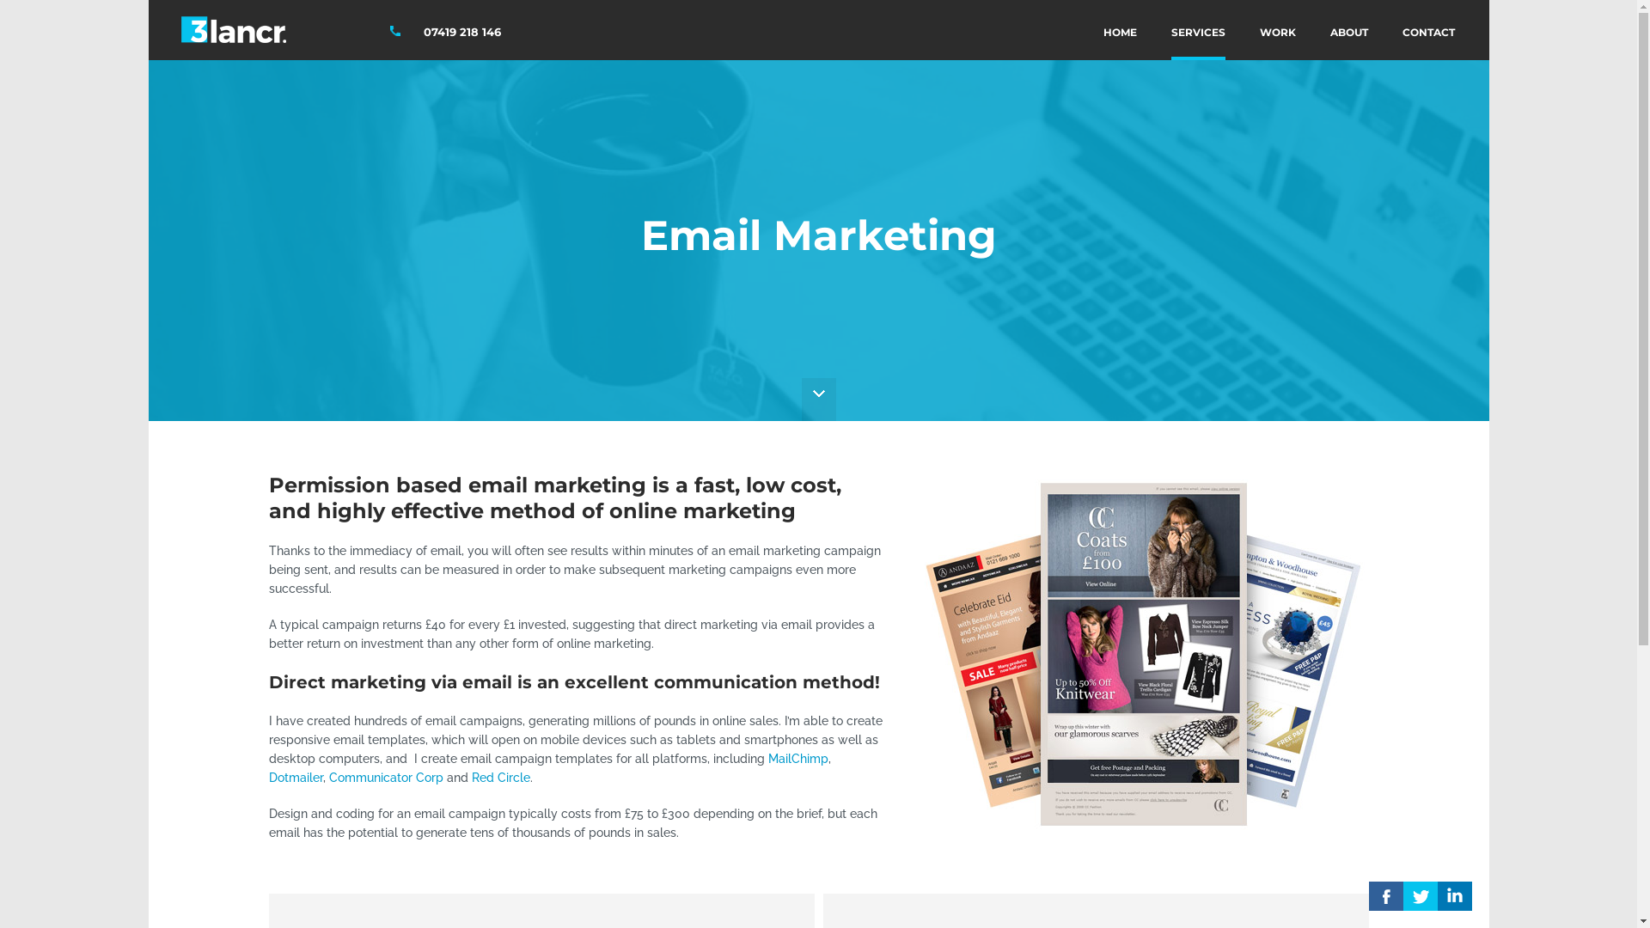 Image resolution: width=1650 pixels, height=928 pixels. I want to click on '07419 218 146', so click(461, 32).